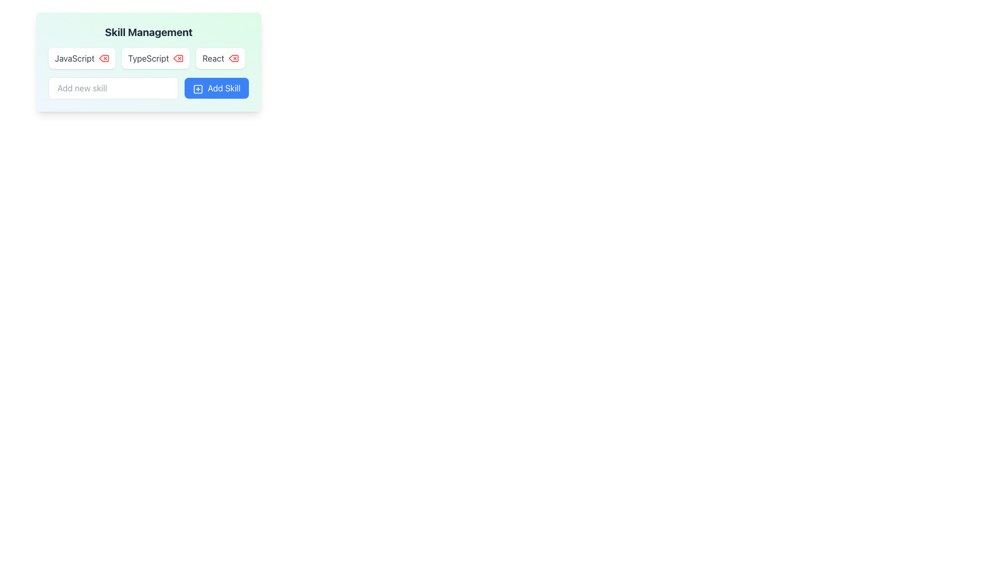  What do you see at coordinates (198, 88) in the screenshot?
I see `the small square icon with a plus sign inside it, located at the left side of the 'Add Skill' button` at bounding box center [198, 88].